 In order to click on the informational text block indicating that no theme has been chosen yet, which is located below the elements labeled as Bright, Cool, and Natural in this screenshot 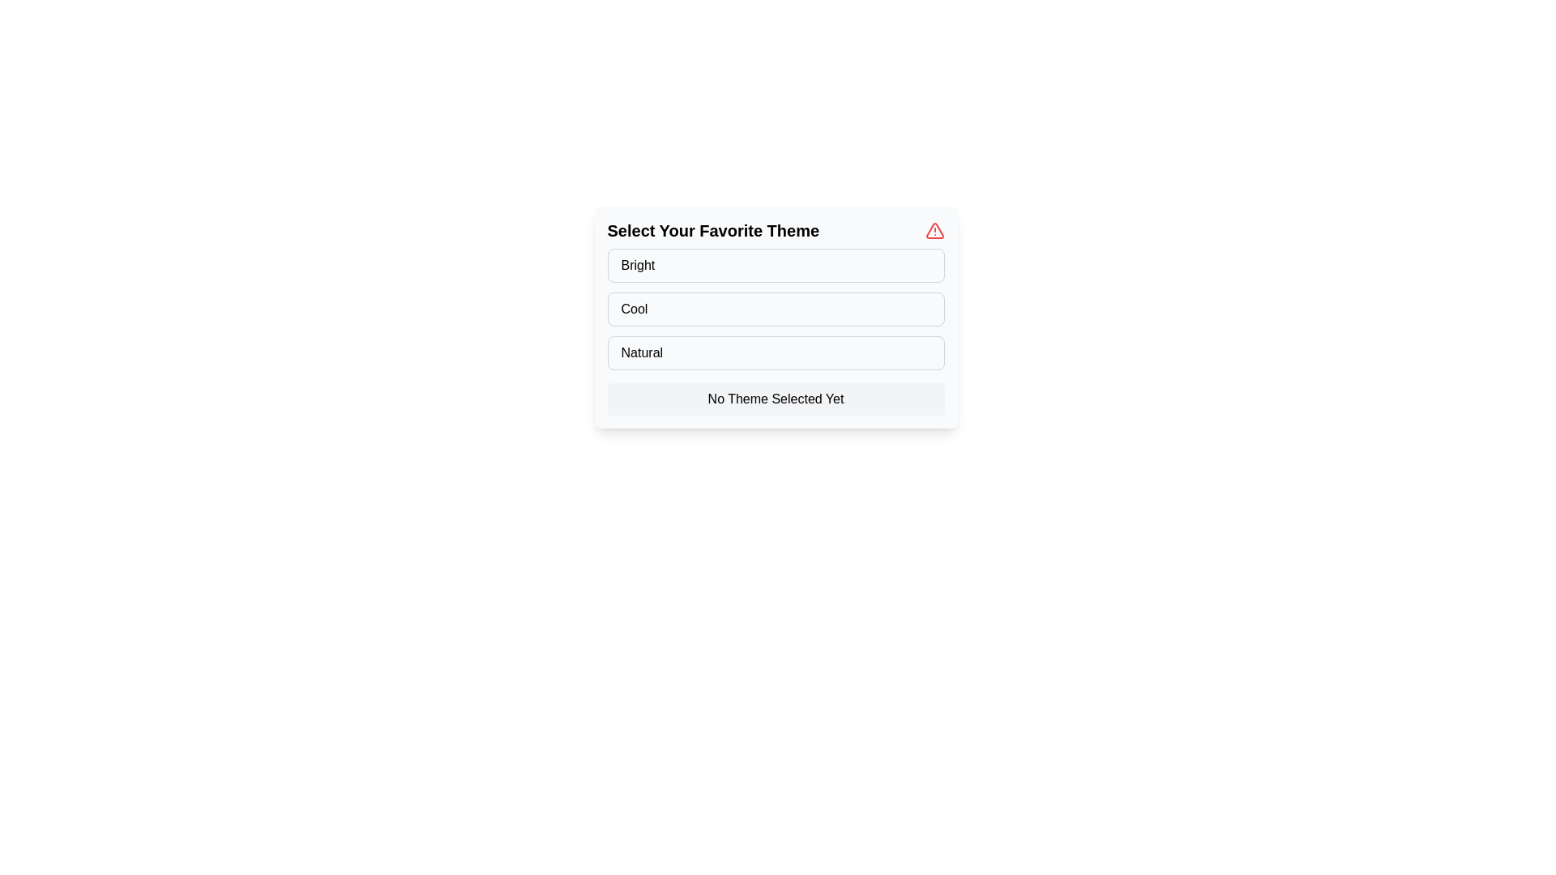, I will do `click(775, 399)`.